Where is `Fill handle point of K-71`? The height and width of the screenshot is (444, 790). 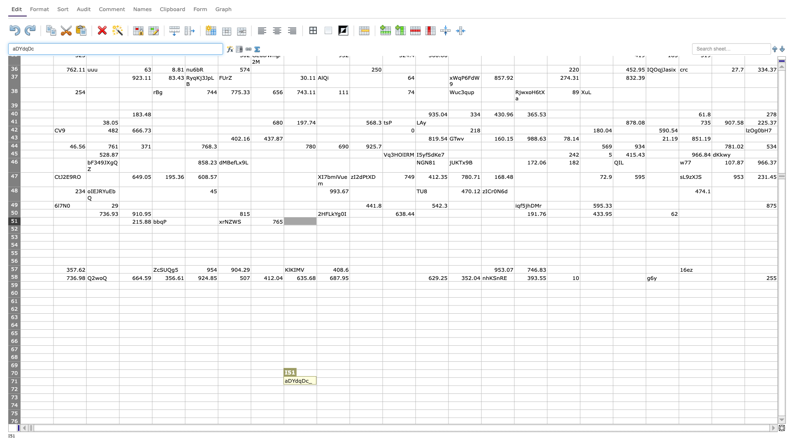 Fill handle point of K-71 is located at coordinates (382, 385).